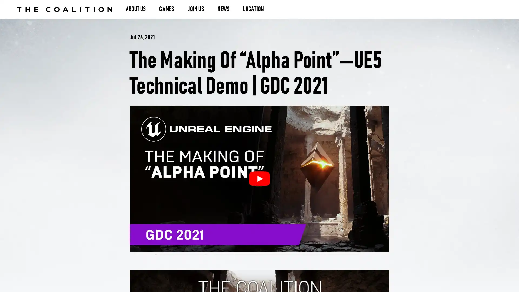  Describe the element at coordinates (259, 178) in the screenshot. I see `The Making of Alpha PointUE5 Technical Demo | GDC 2021` at that location.